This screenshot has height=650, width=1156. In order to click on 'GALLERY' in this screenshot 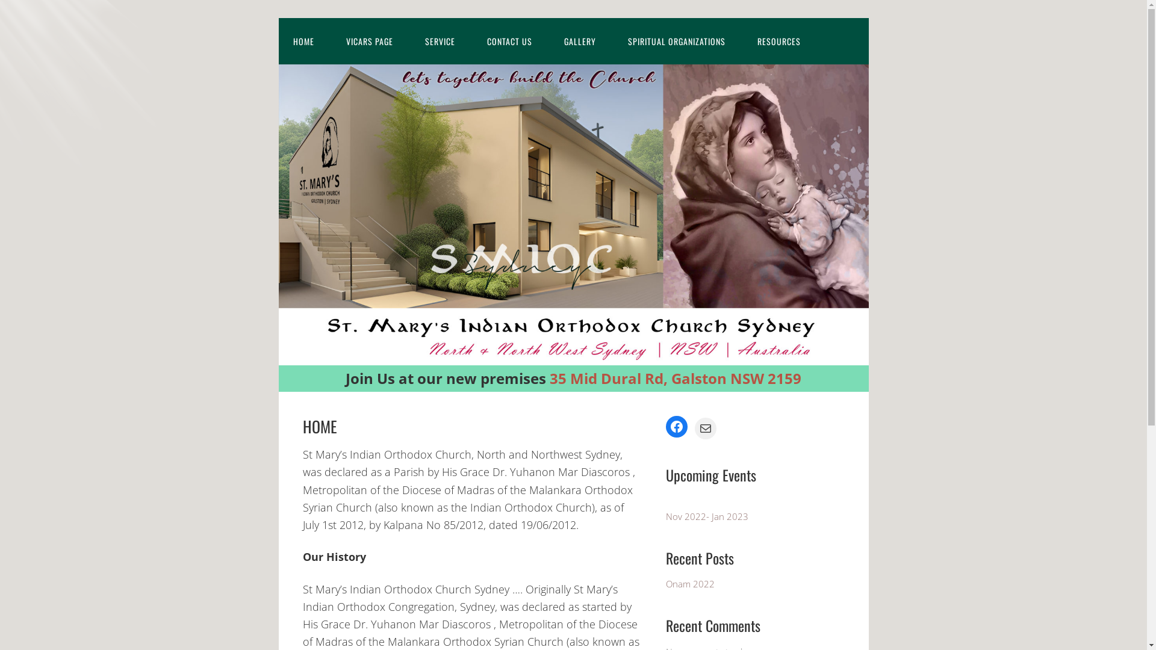, I will do `click(579, 40)`.